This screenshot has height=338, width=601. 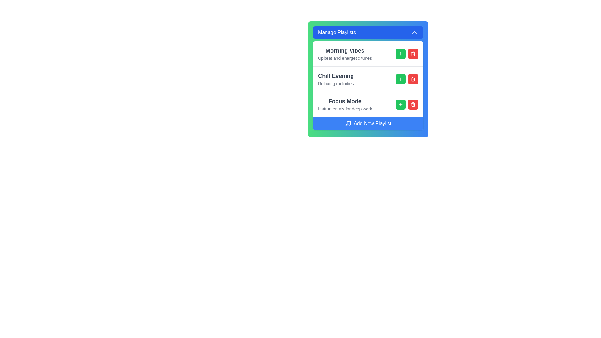 What do you see at coordinates (401, 79) in the screenshot?
I see `the green button with a '+' icon next to the 'Chill Evening' playlist entry` at bounding box center [401, 79].